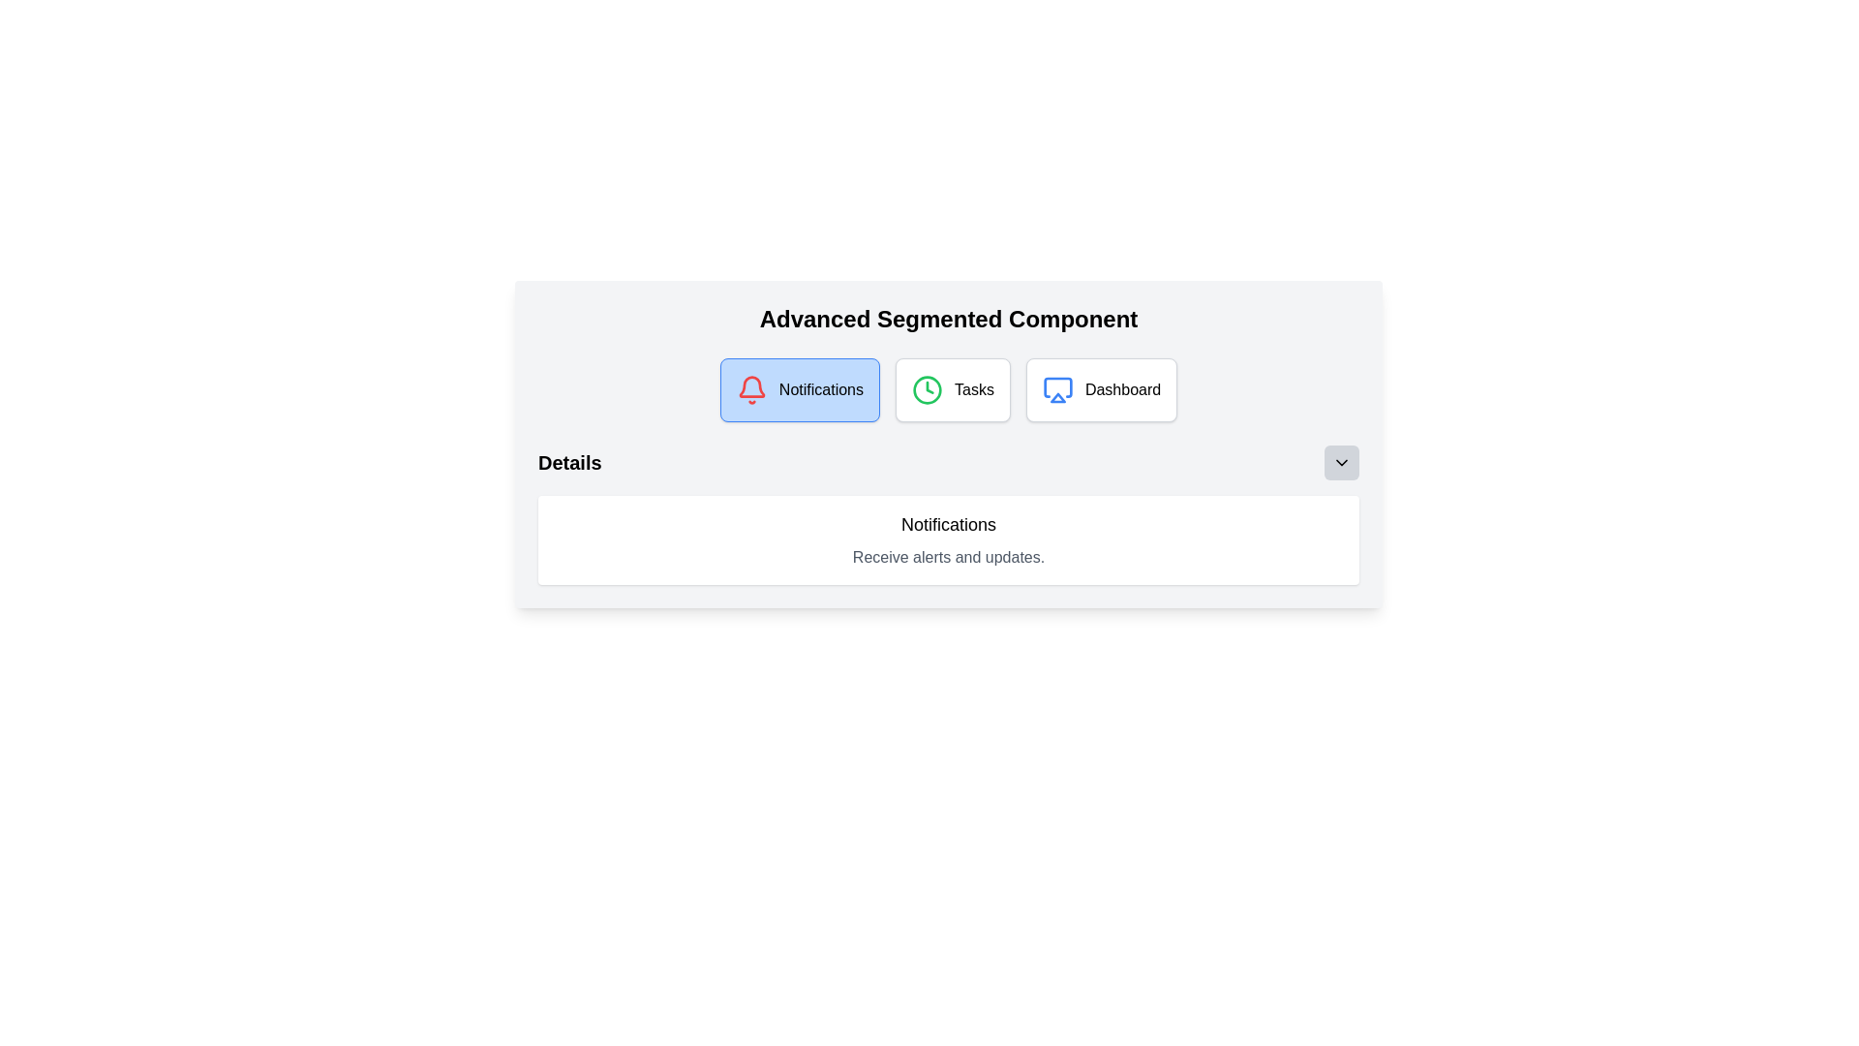 This screenshot has width=1859, height=1046. What do you see at coordinates (800, 389) in the screenshot?
I see `the 'Notifications' button located at the top of the segmenting component, positioned at the leftmost side of the row of buttons` at bounding box center [800, 389].